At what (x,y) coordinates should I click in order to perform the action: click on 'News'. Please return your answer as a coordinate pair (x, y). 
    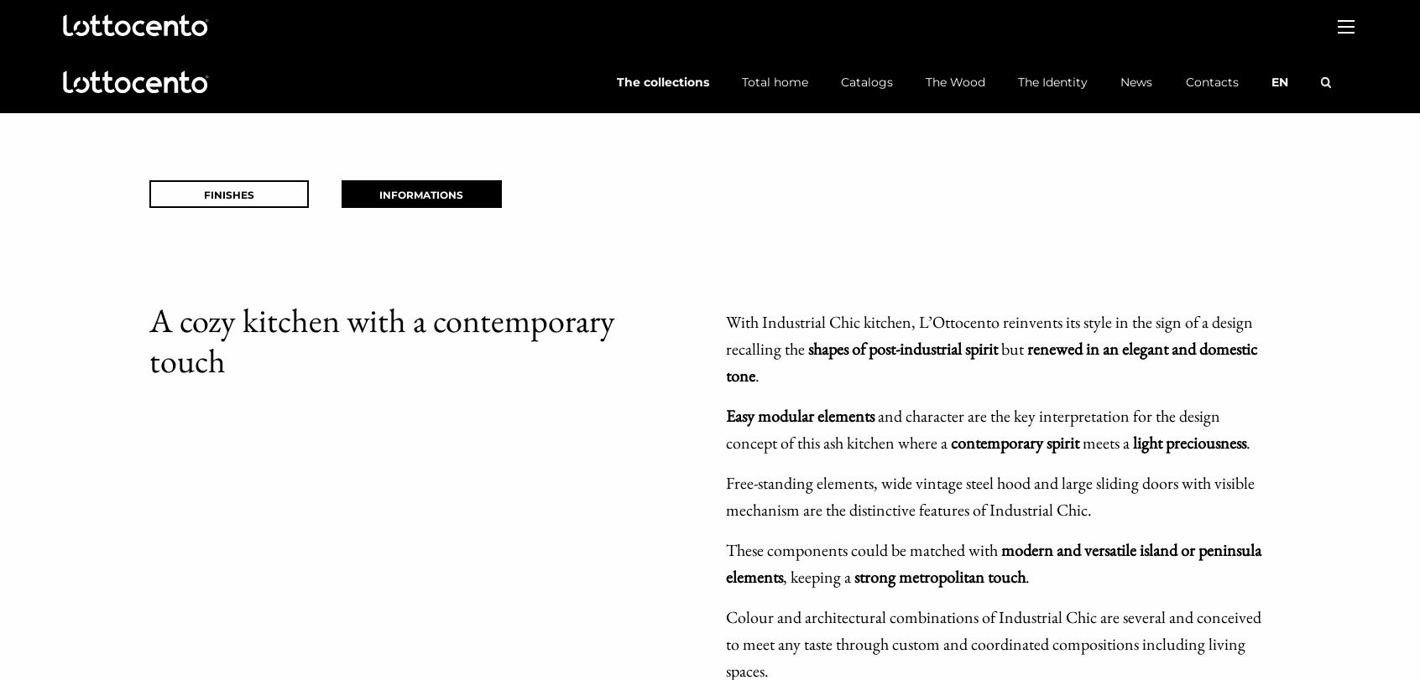
    Looking at the image, I should click on (1119, 81).